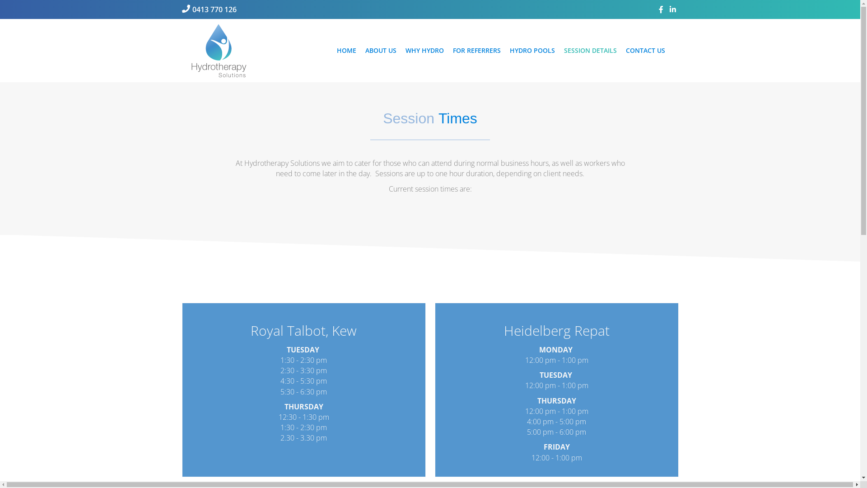 The height and width of the screenshot is (488, 867). What do you see at coordinates (380, 50) in the screenshot?
I see `'ABOUT US'` at bounding box center [380, 50].